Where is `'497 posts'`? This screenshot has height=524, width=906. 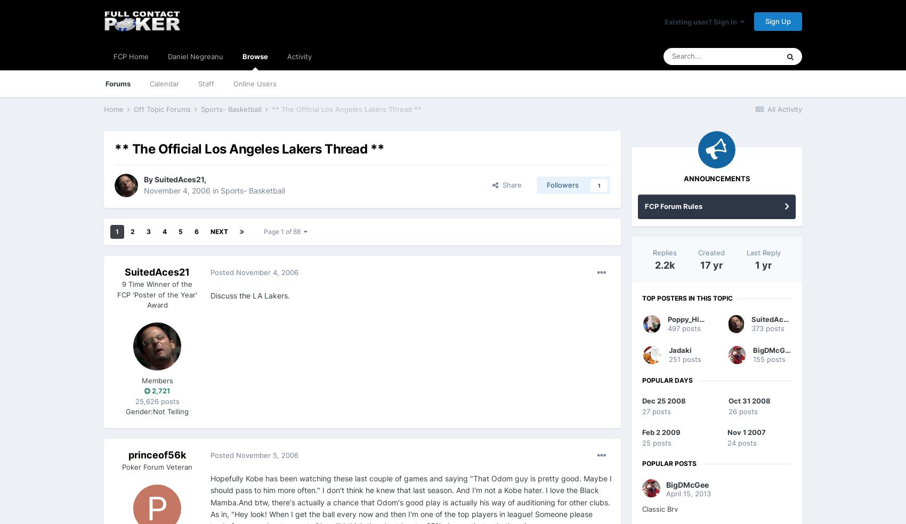
'497 posts' is located at coordinates (667, 328).